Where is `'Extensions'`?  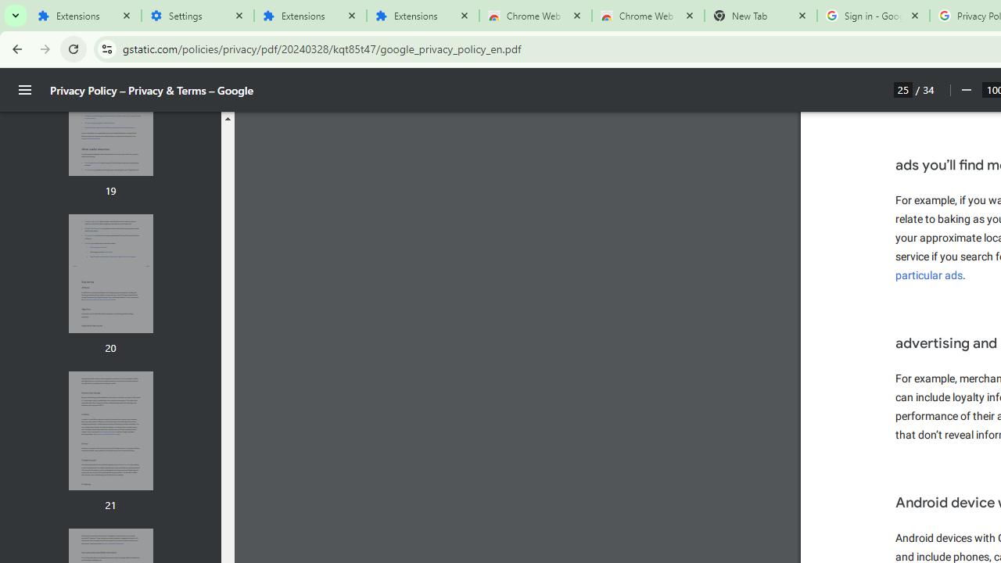
'Extensions' is located at coordinates (422, 16).